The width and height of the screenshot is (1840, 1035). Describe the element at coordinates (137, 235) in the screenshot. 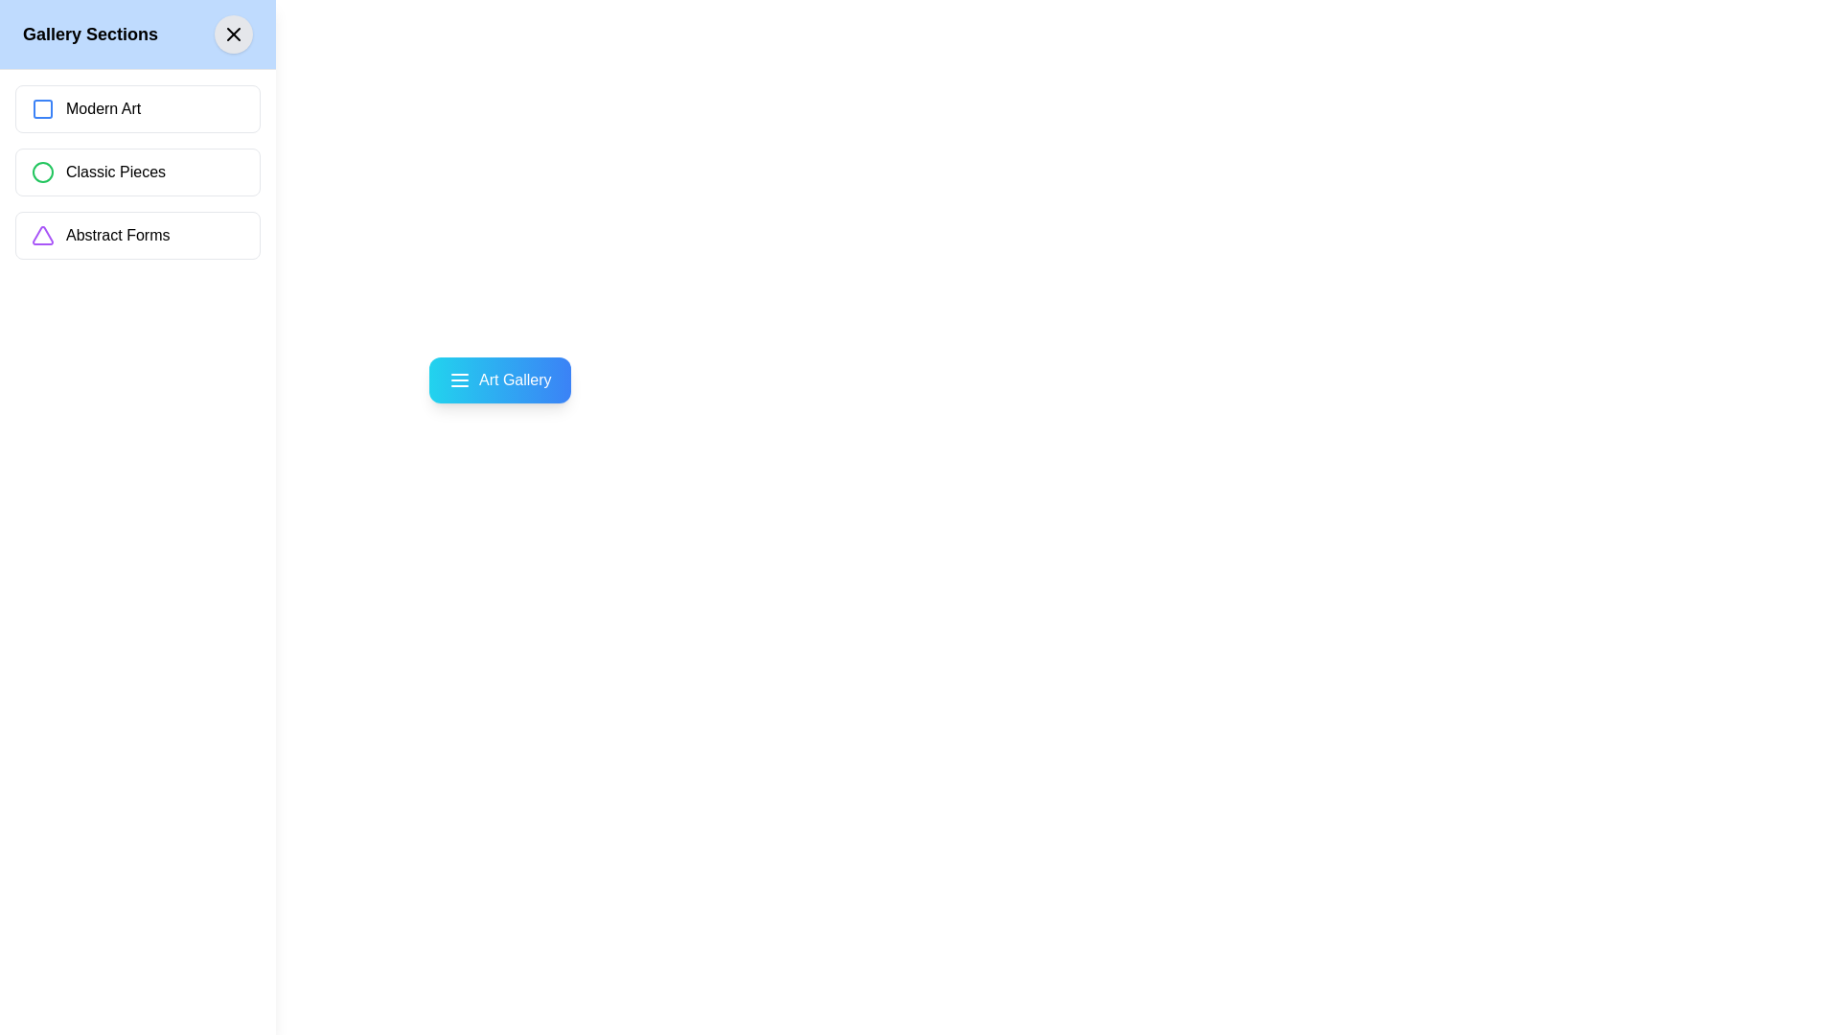

I see `the gallery section Abstract Forms by clicking on its respective button` at that location.